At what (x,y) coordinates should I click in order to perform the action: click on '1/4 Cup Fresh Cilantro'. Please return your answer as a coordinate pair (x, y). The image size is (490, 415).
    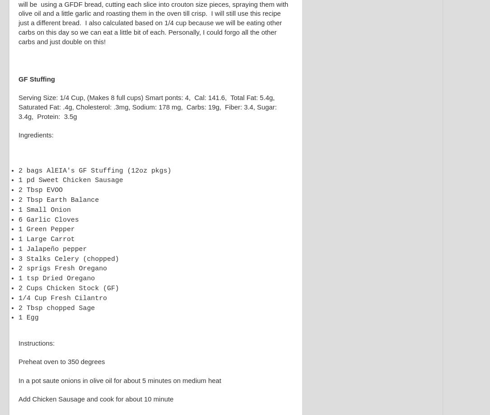
    Looking at the image, I should click on (62, 298).